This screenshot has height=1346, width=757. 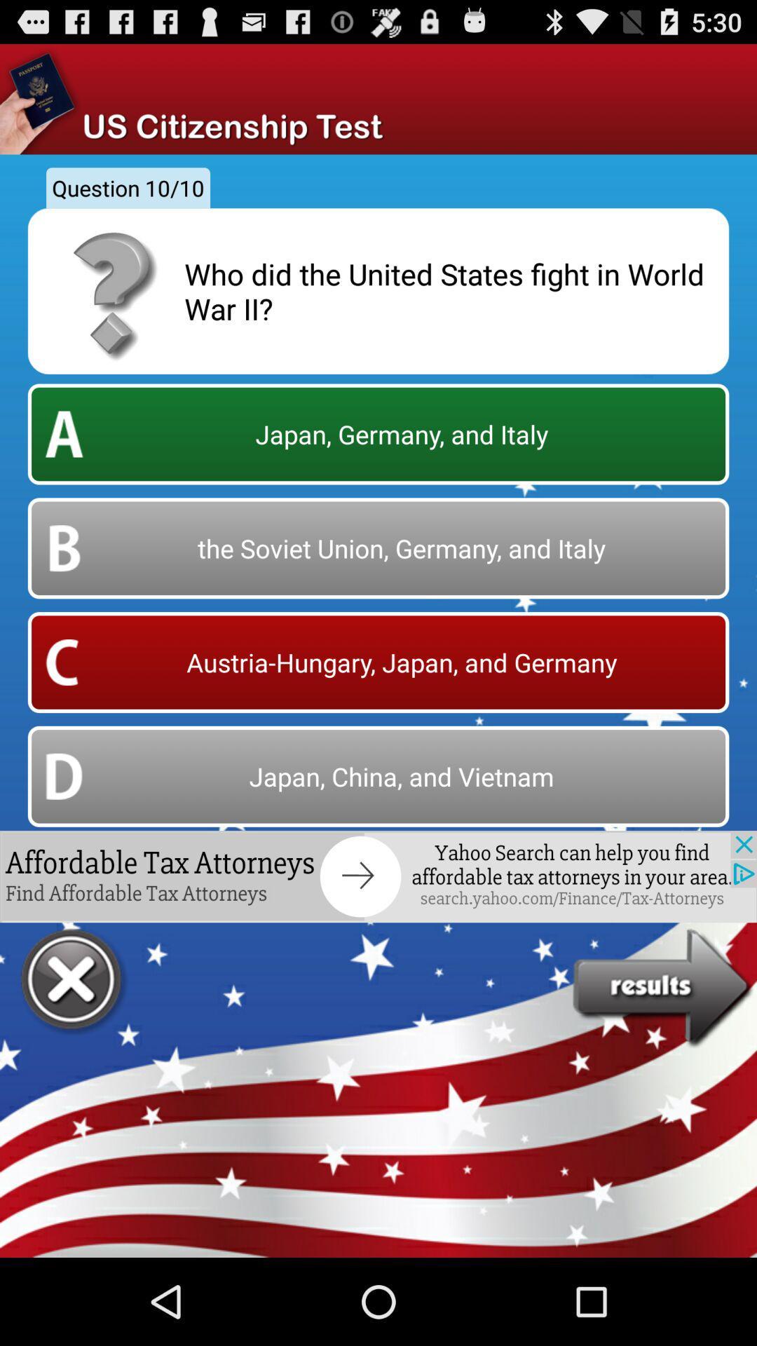 I want to click on go result, so click(x=664, y=988).